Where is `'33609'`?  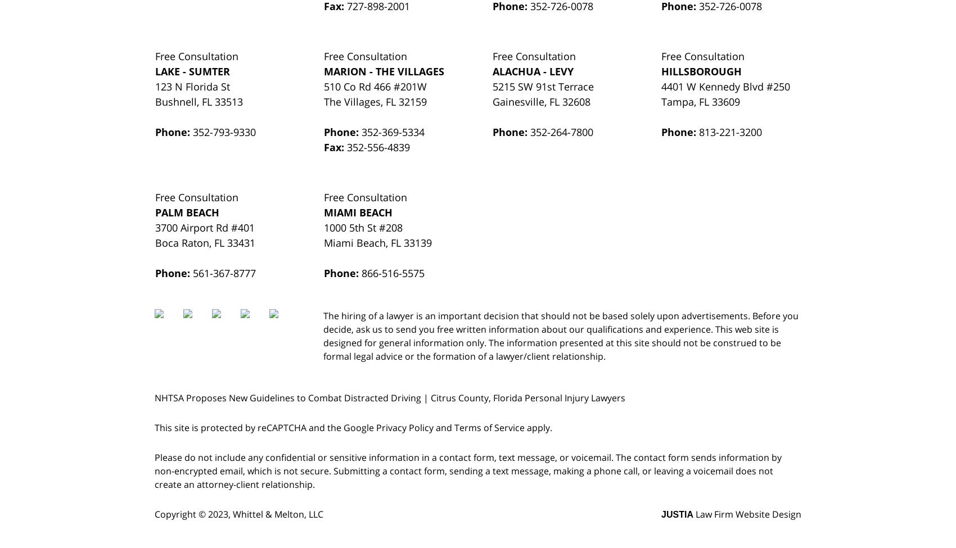 '33609' is located at coordinates (725, 101).